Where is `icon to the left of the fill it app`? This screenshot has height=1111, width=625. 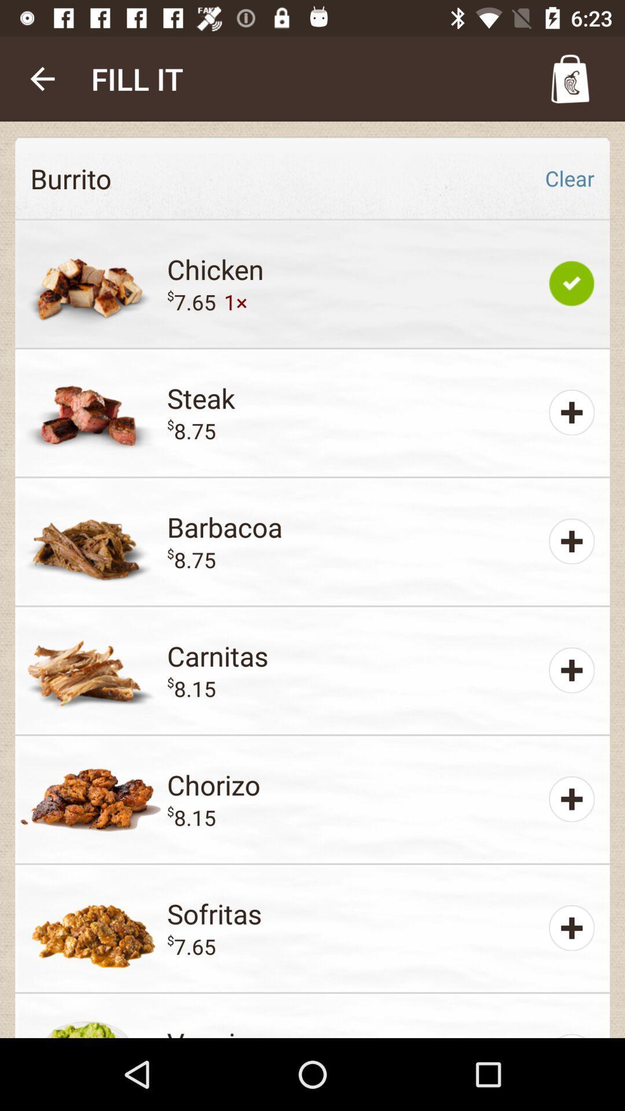
icon to the left of the fill it app is located at coordinates (42, 78).